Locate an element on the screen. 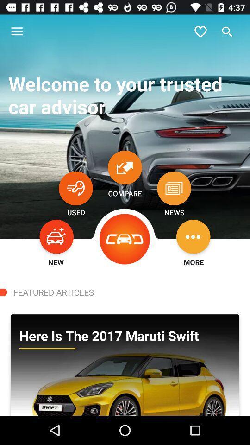 The image size is (250, 445). the item above the compare item is located at coordinates (125, 167).